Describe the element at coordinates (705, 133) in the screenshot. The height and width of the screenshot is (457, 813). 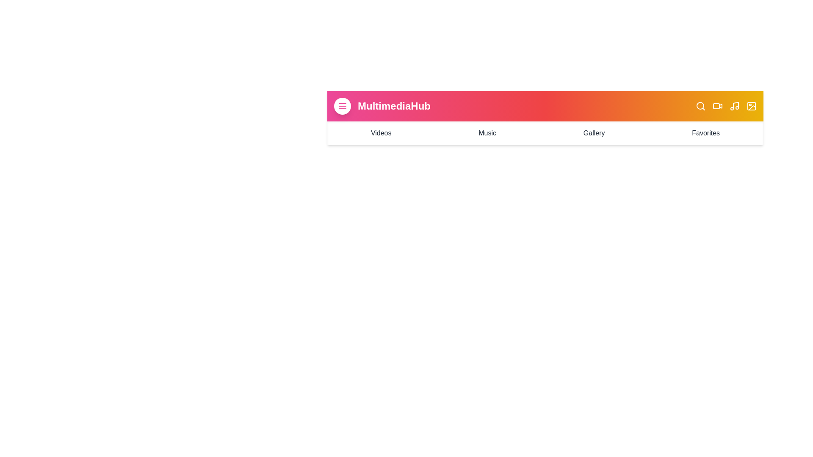
I see `the navigation link labeled 'Favorites' to navigate to the respective section` at that location.